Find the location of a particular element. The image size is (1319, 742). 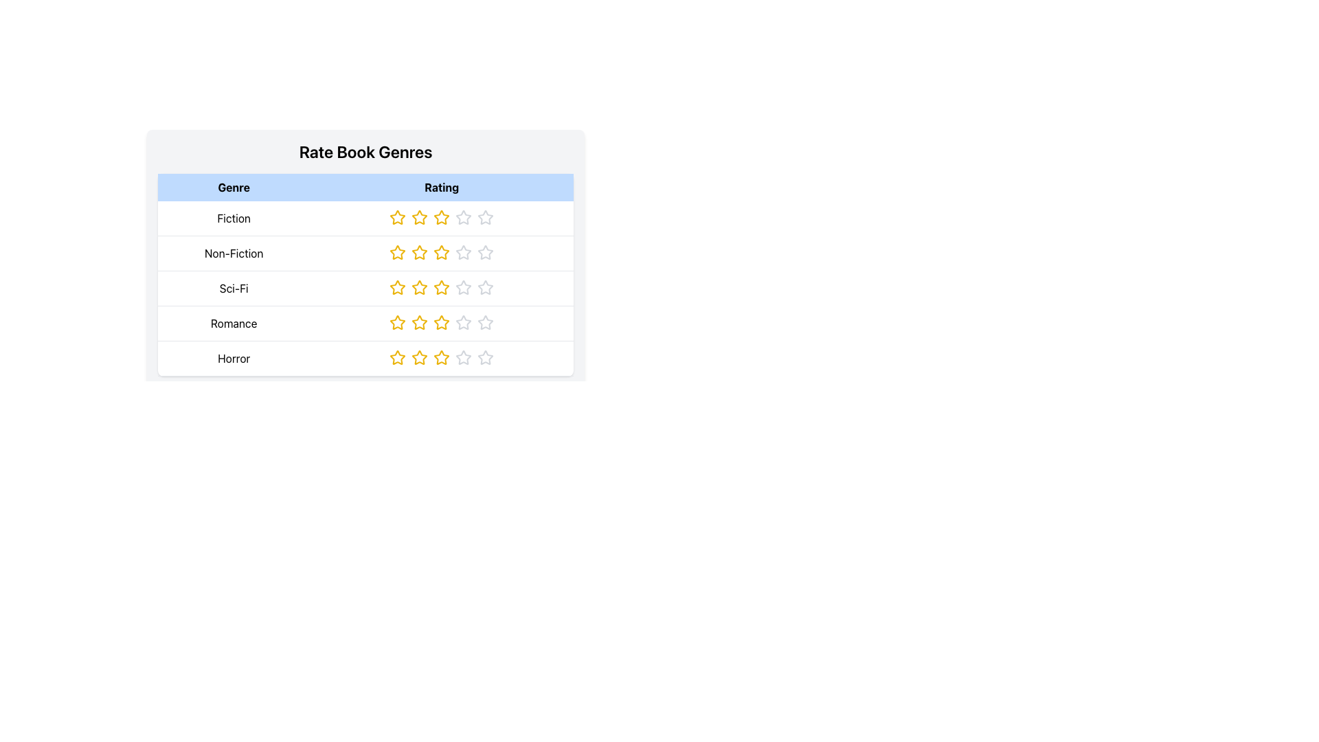

the text label displaying 'Fiction' located in the first row under the 'Genre' column of the table is located at coordinates (234, 218).